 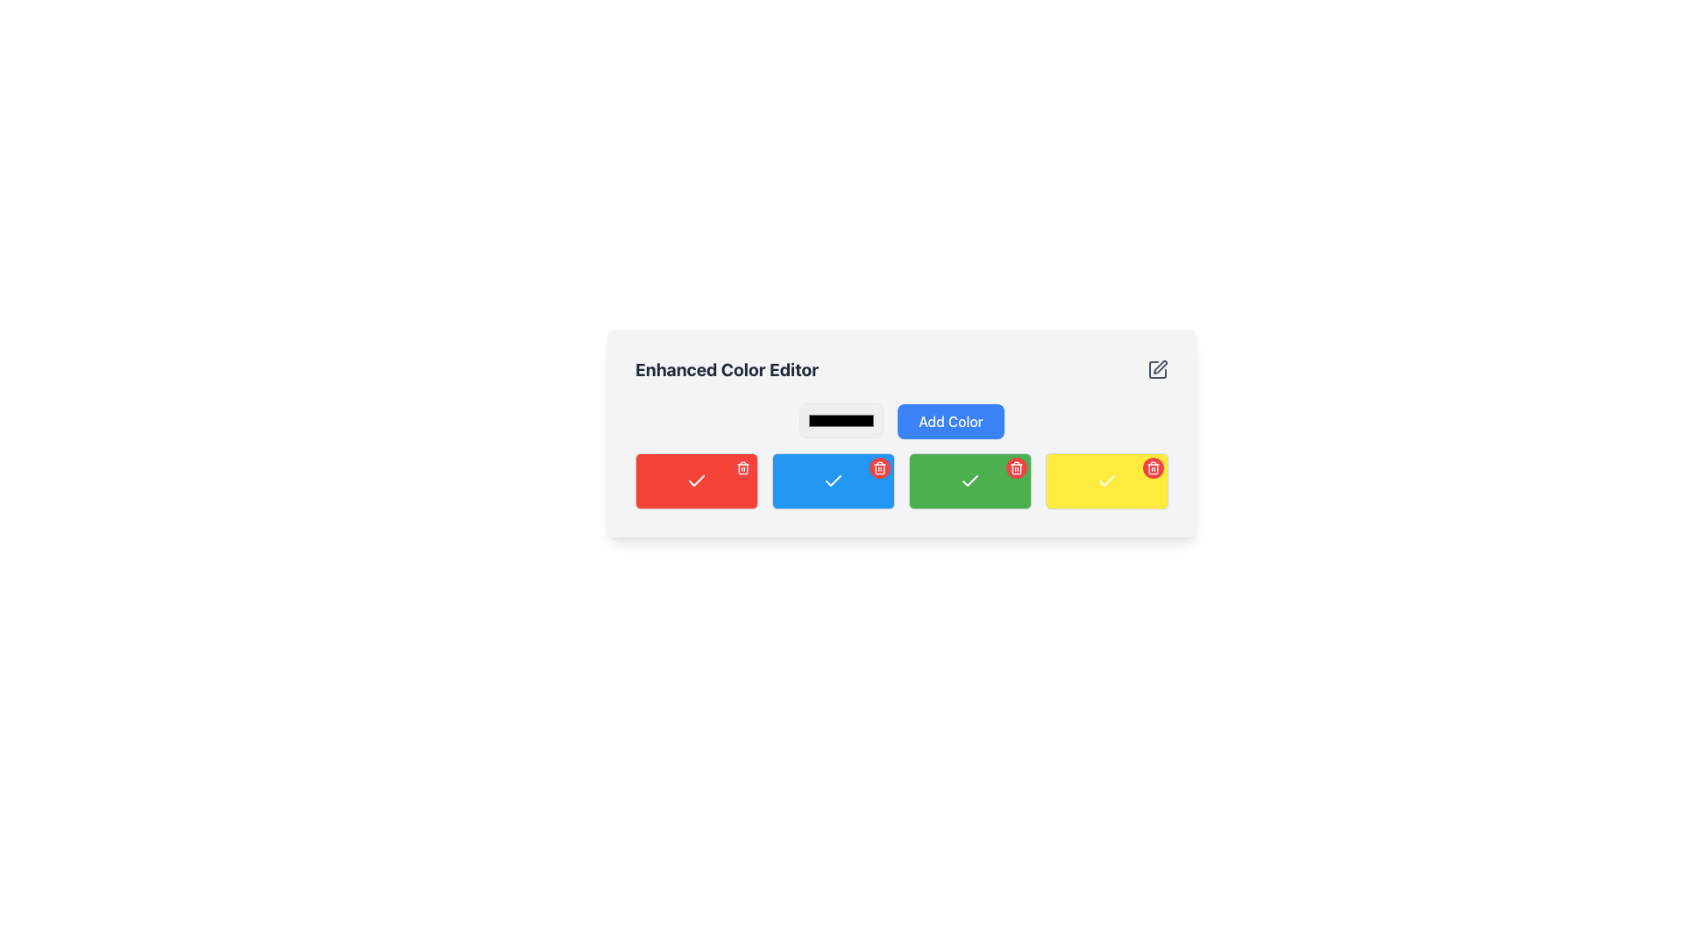 What do you see at coordinates (696, 481) in the screenshot?
I see `the checkmark SVG icon embedded within the red button, which is the first button in a horizontal row of four buttons located at the bottom of the 'Enhanced Color Editor' section` at bounding box center [696, 481].